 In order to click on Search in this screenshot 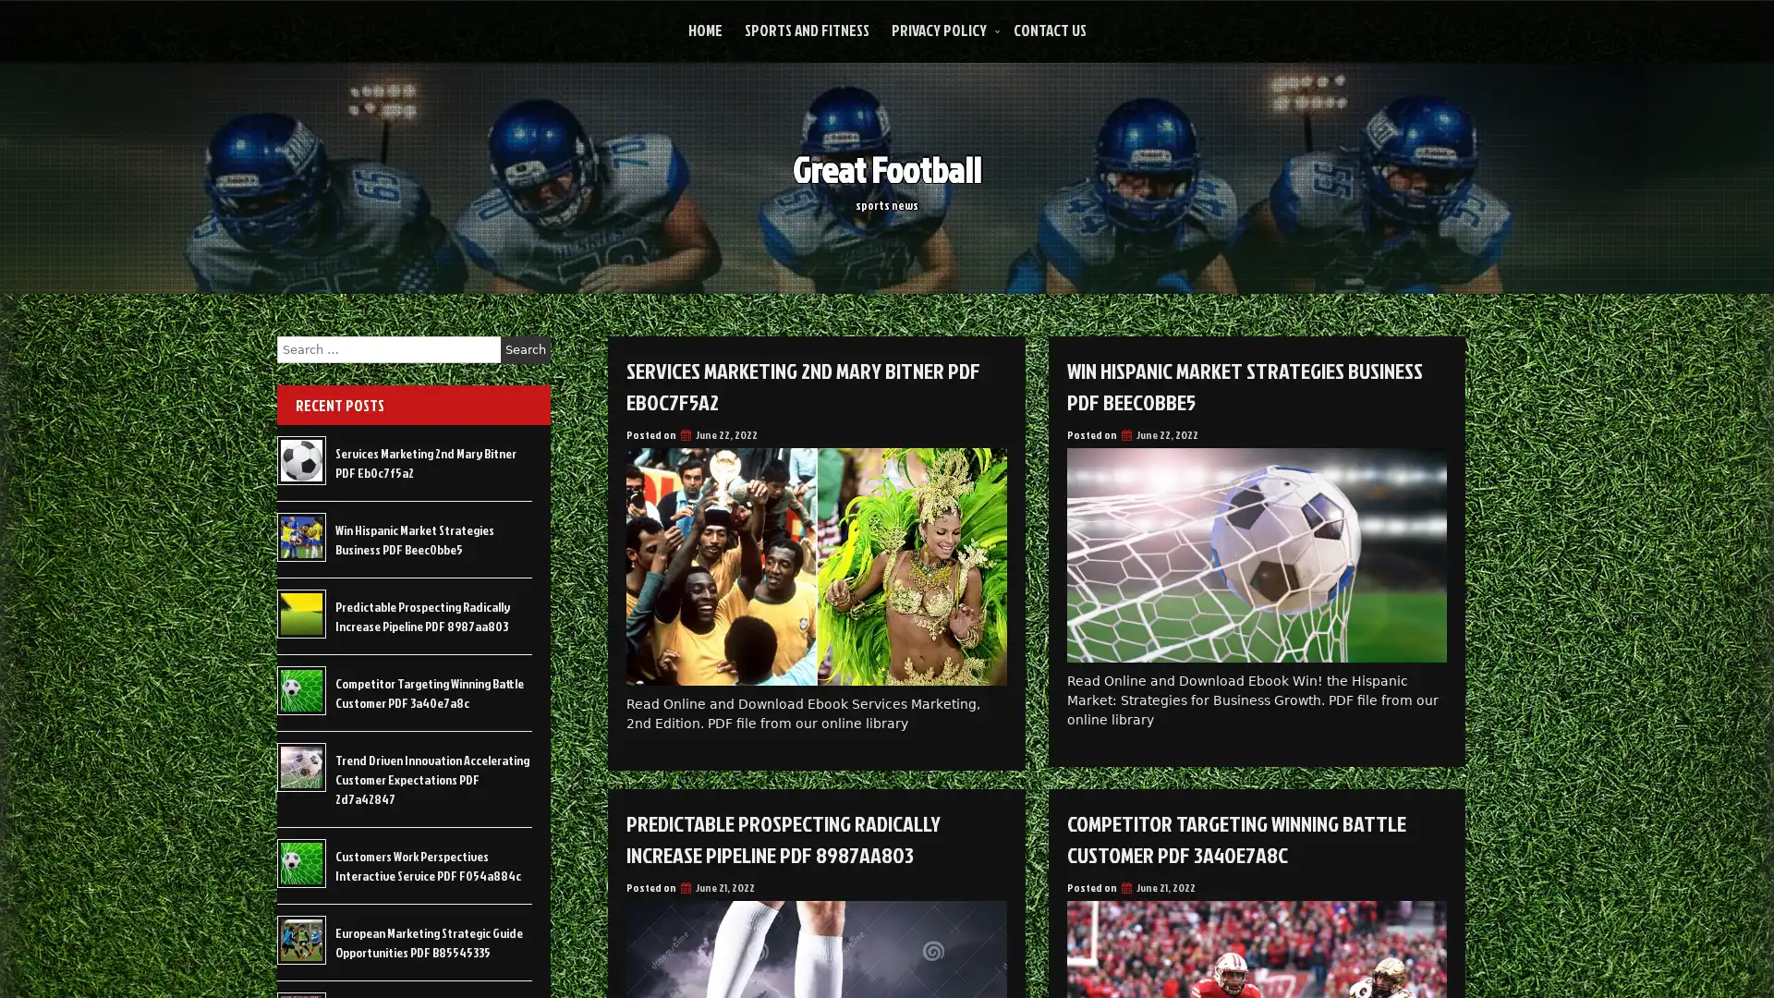, I will do `click(525, 349)`.